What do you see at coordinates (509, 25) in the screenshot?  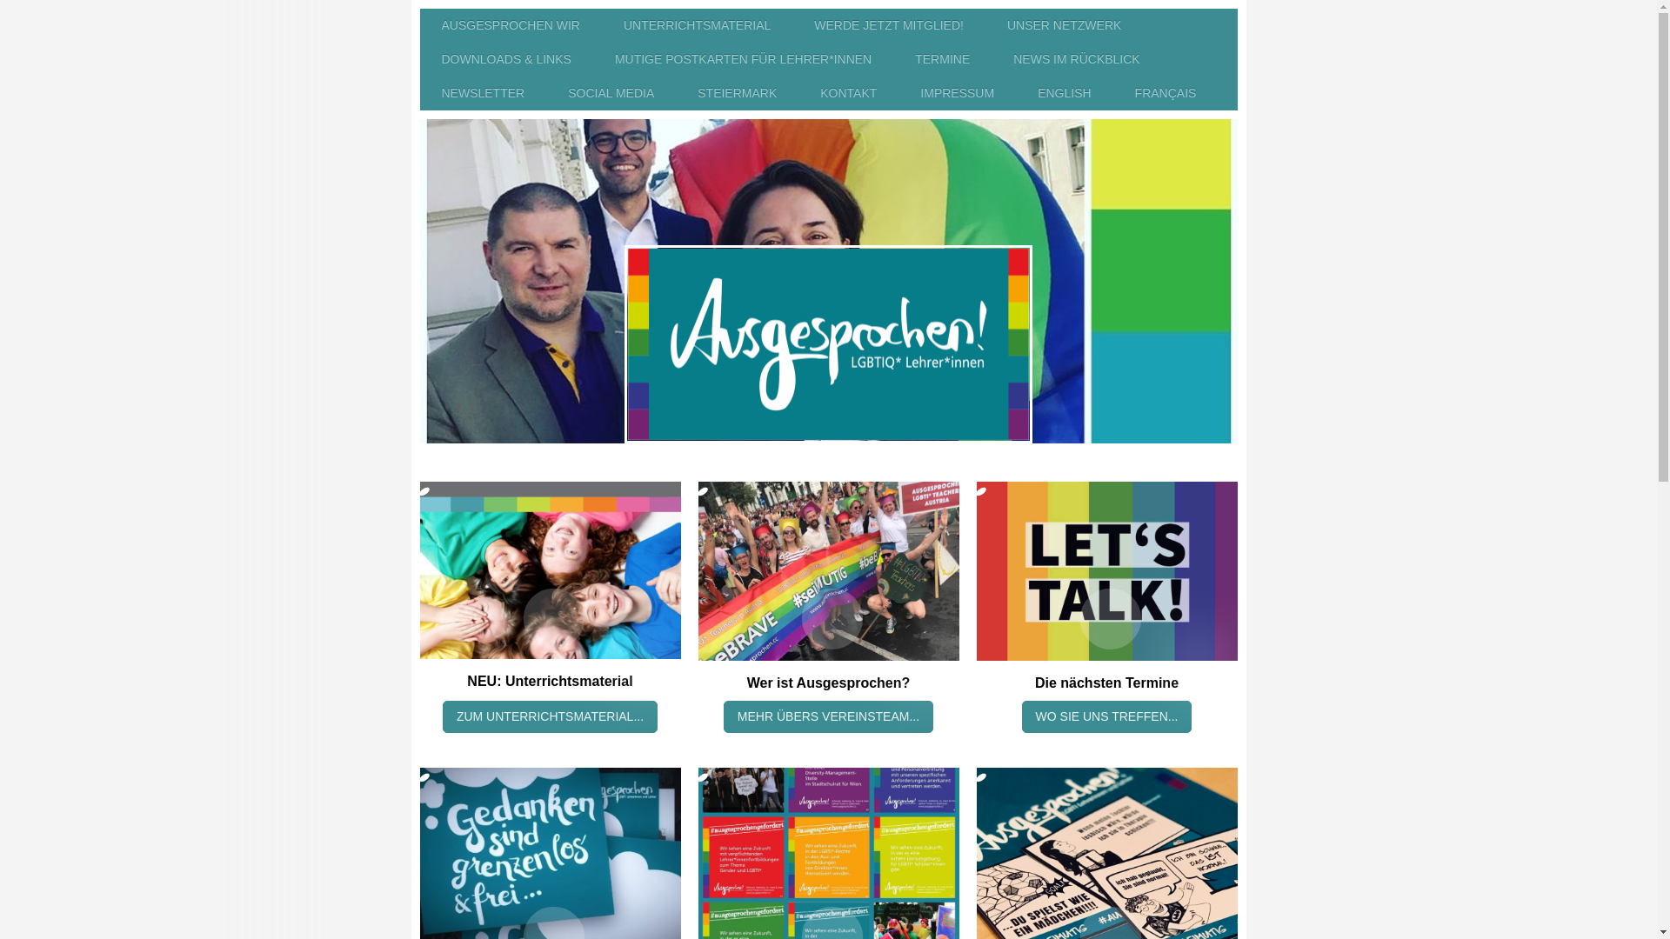 I see `'AUSGESPROCHEN WIR'` at bounding box center [509, 25].